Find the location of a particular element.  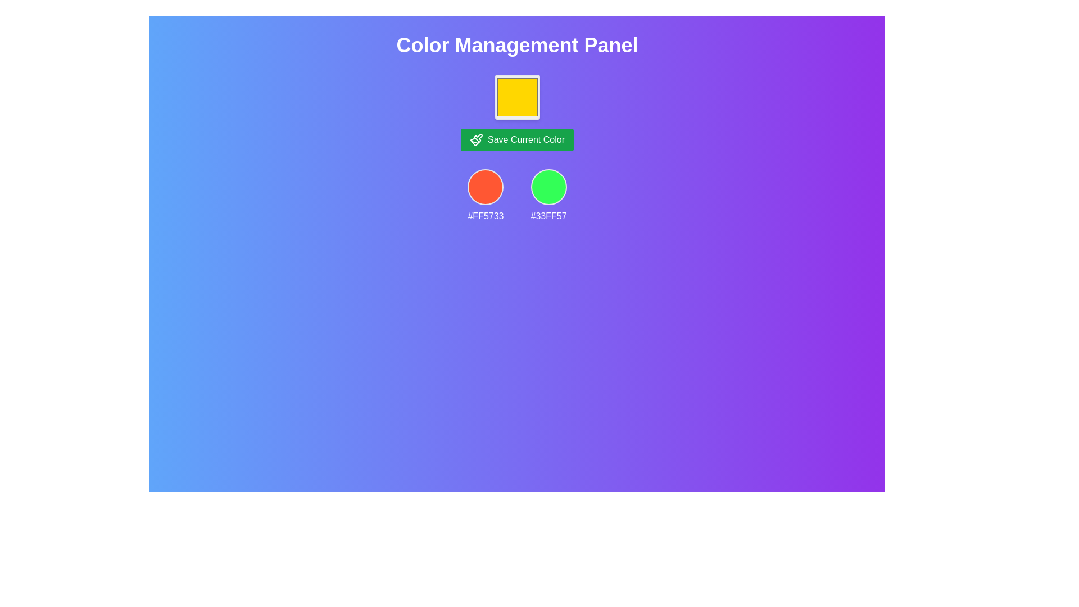

the green button labeled 'Save Current Color' with a paintbrush icon is located at coordinates (516, 139).